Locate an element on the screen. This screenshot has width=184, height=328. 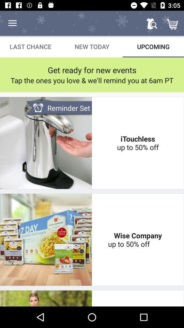
icon below the get ready for is located at coordinates (92, 80).